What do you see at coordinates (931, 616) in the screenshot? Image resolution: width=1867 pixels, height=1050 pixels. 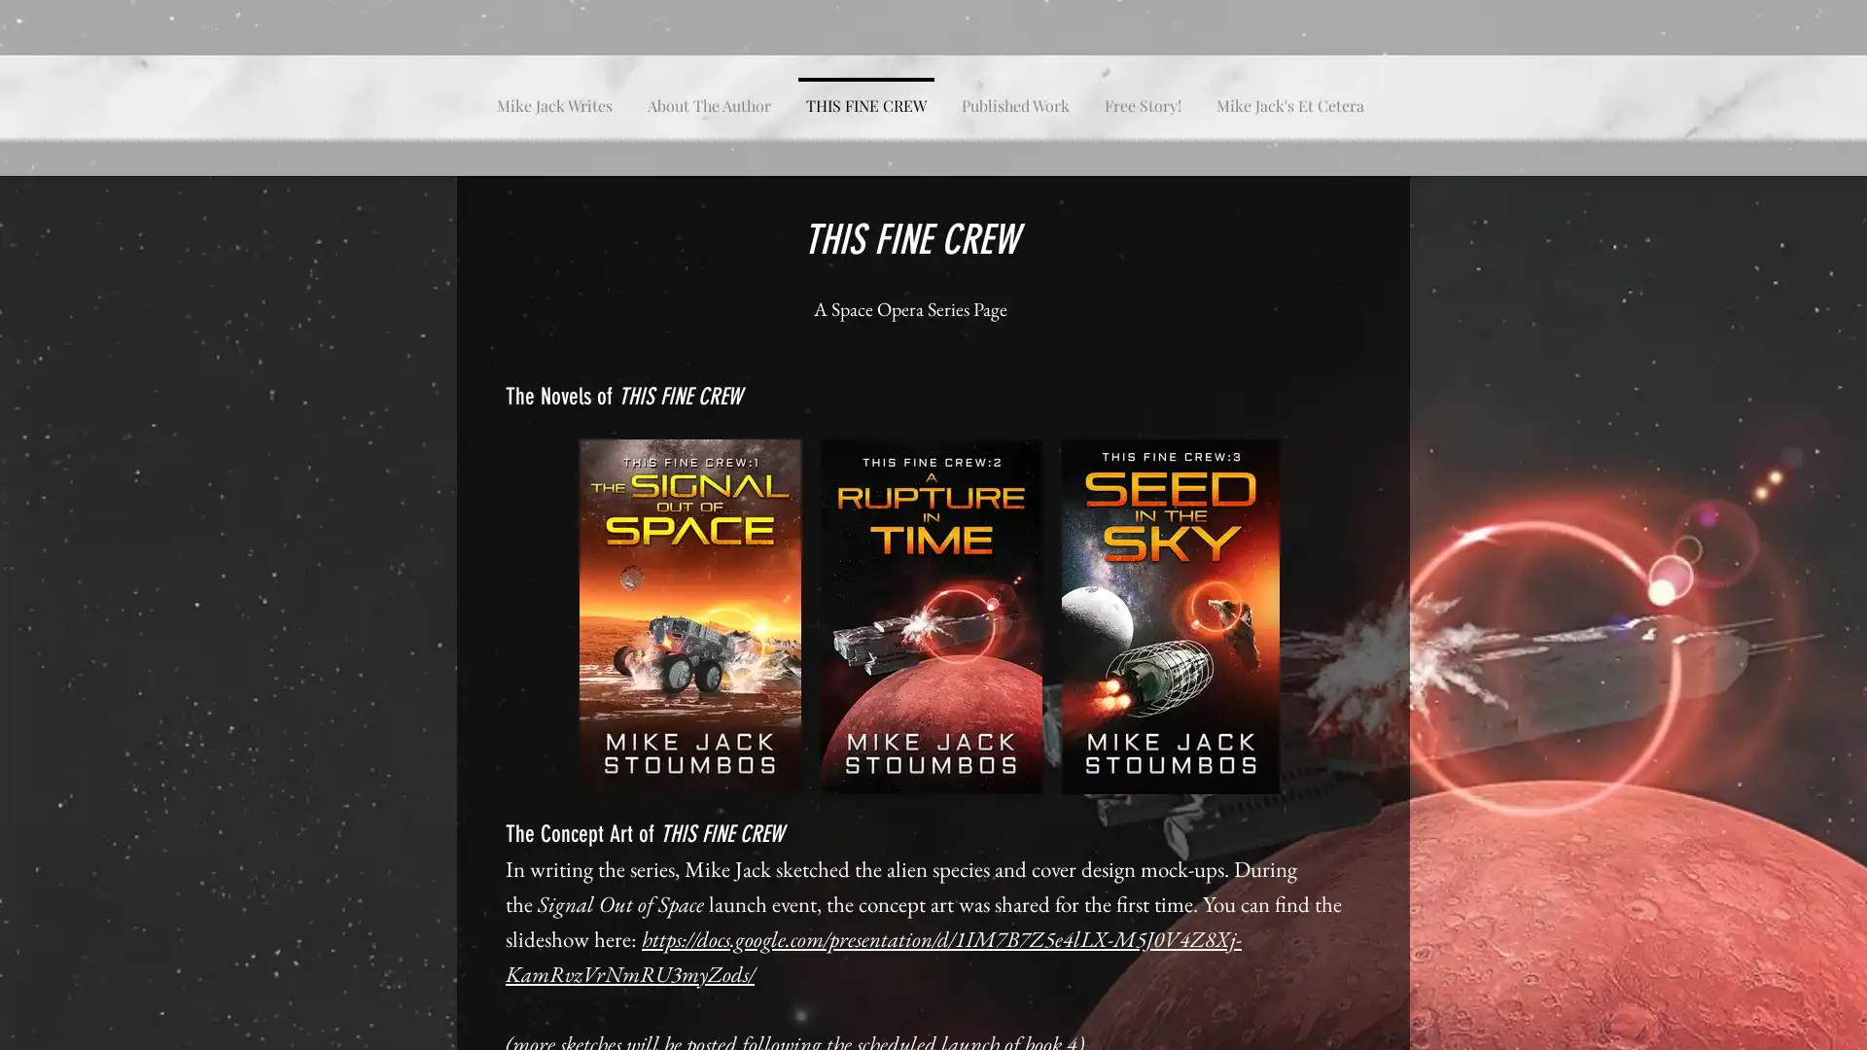 I see `A Rupture in Time TFC2 Kindle Cover.jpg` at bounding box center [931, 616].